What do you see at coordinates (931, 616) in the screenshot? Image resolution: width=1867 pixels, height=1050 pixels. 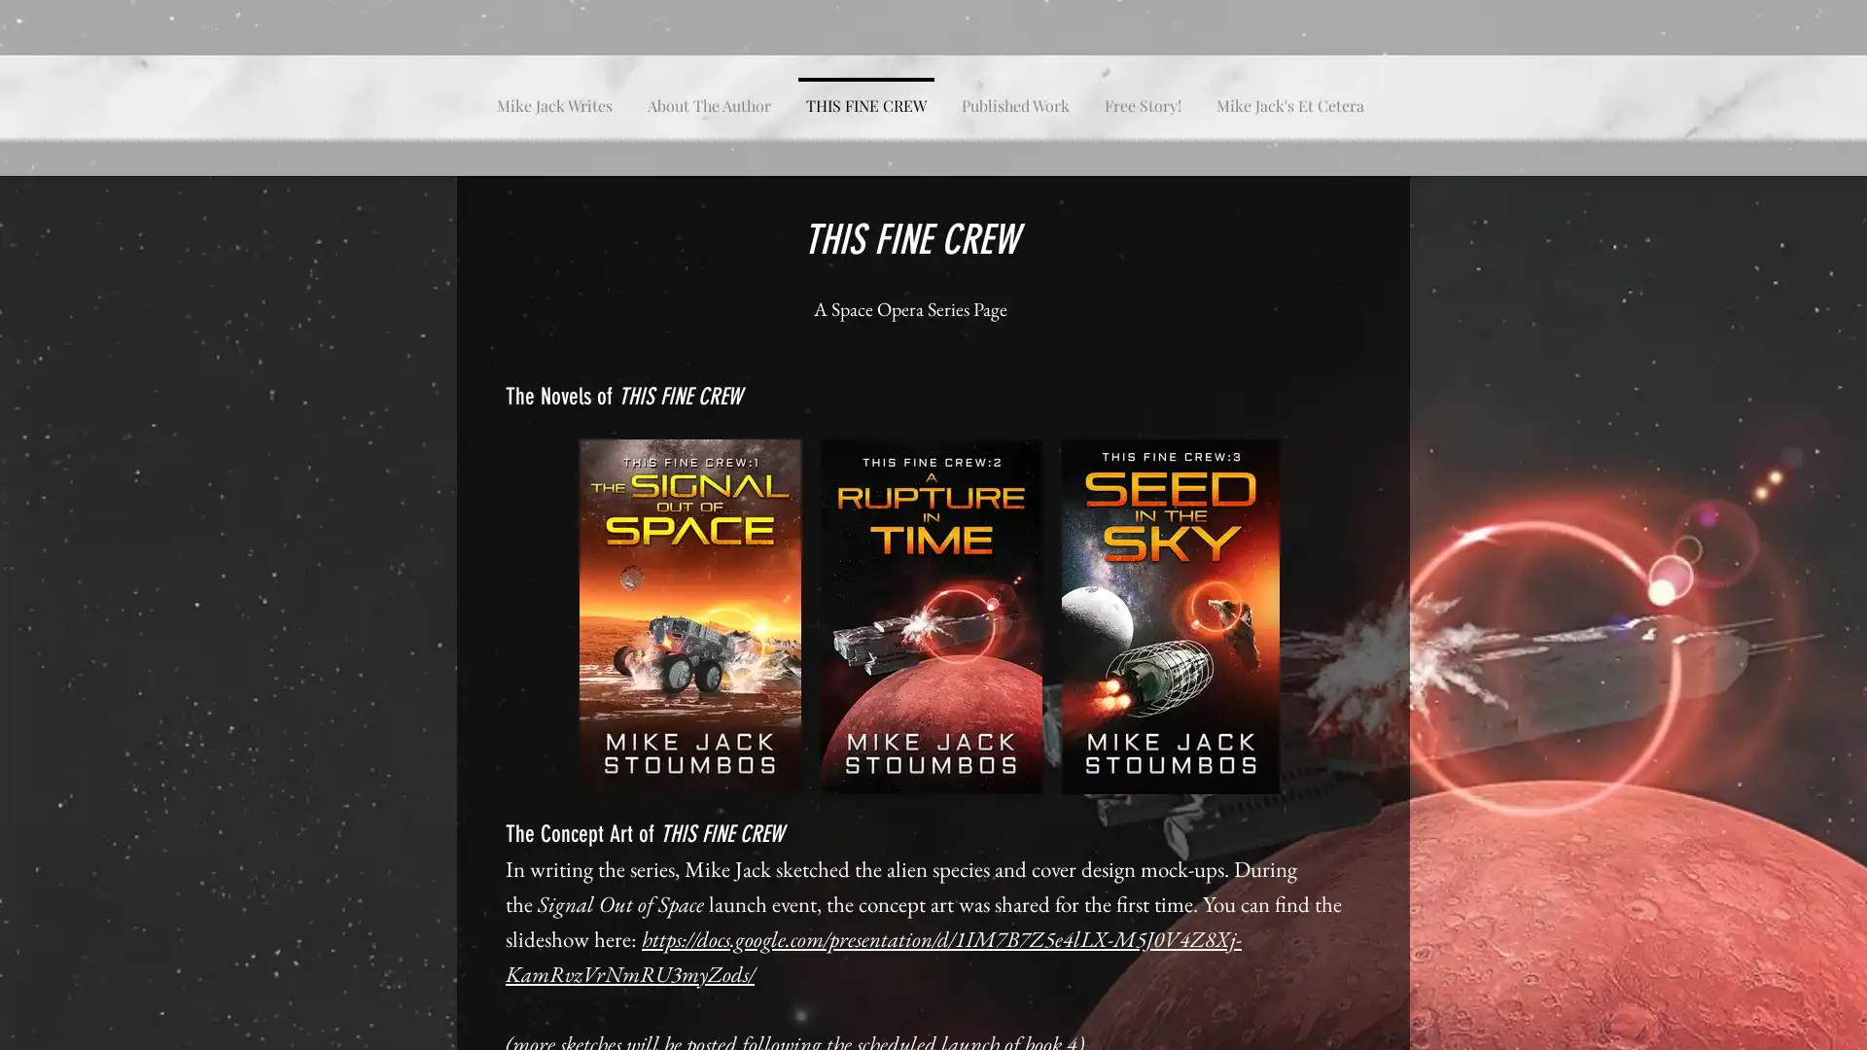 I see `A Rupture in Time TFC2 Kindle Cover.jpg` at bounding box center [931, 616].